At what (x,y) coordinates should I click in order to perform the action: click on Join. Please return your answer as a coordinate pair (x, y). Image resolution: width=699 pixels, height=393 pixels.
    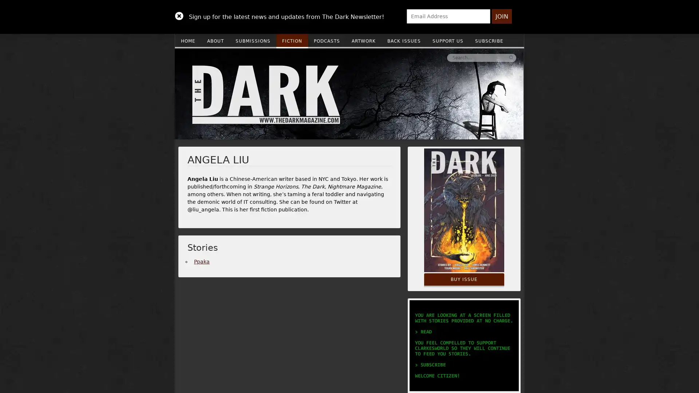
    Looking at the image, I should click on (501, 16).